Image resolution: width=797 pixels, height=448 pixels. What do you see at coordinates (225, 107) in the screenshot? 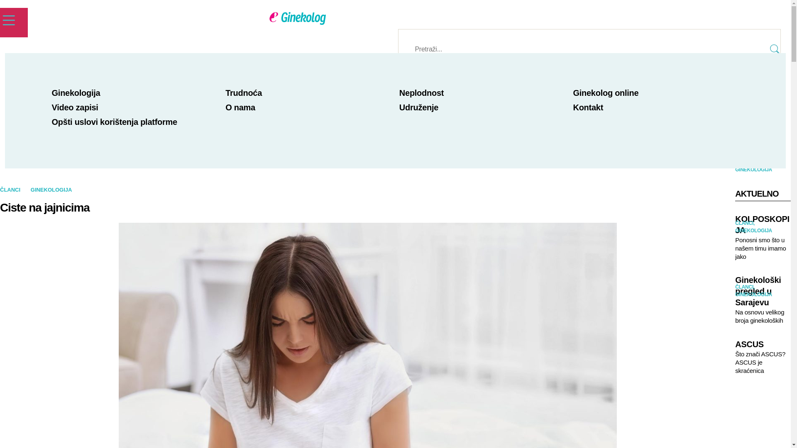
I see `'O nama'` at bounding box center [225, 107].